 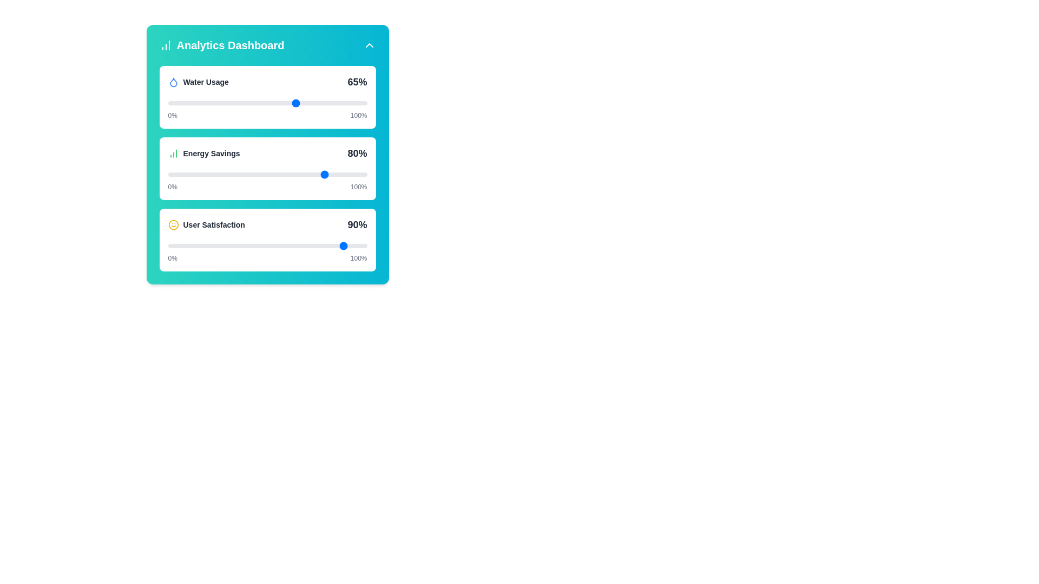 I want to click on User Satisfaction, so click(x=231, y=246).